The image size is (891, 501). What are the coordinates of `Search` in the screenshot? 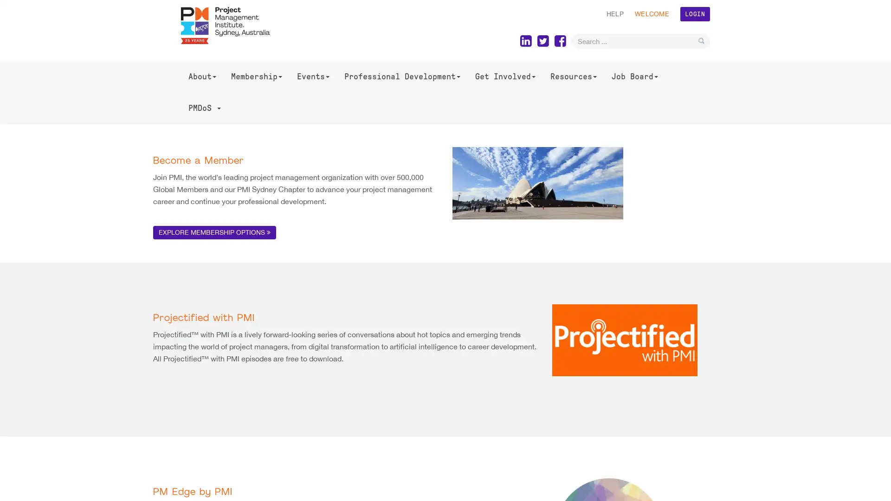 It's located at (701, 40).